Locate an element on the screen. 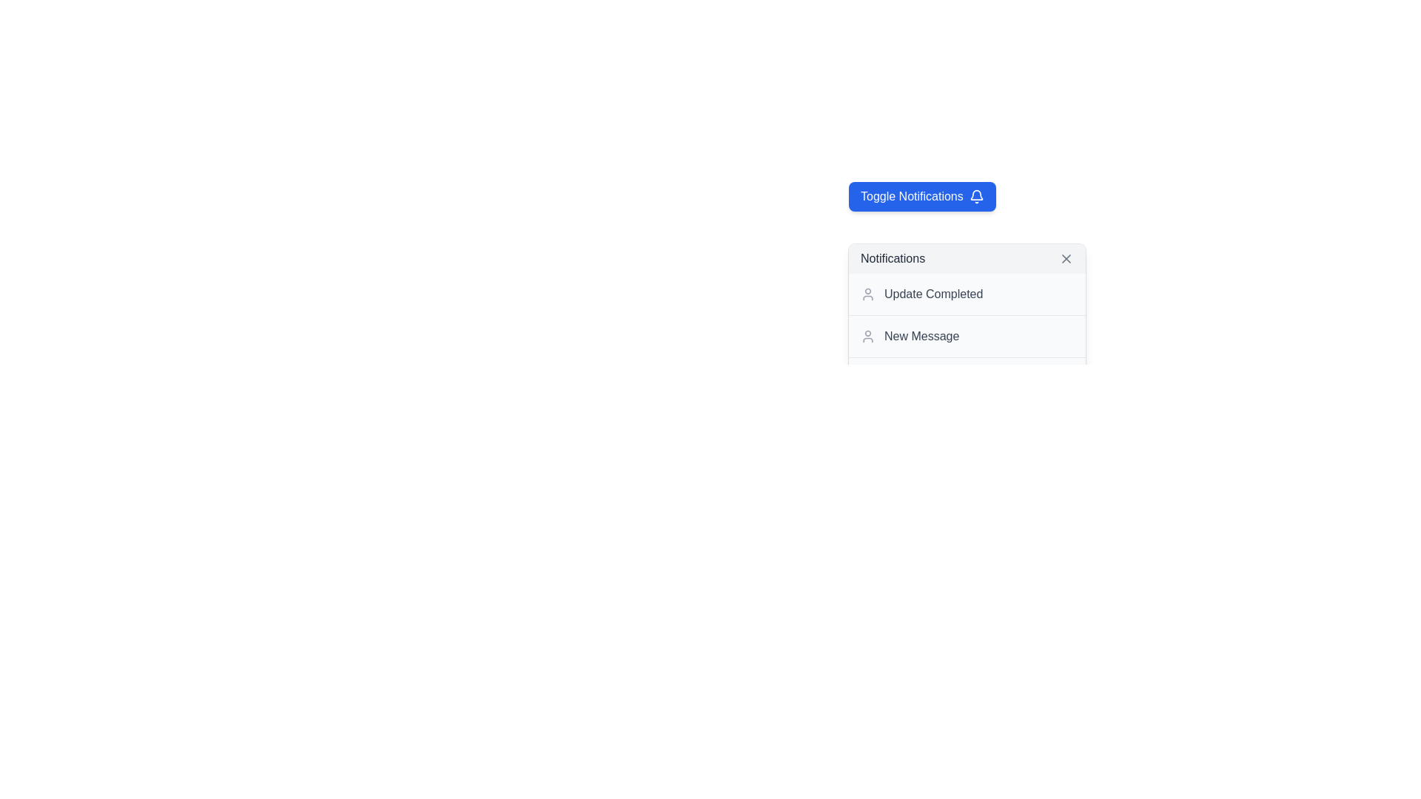 The image size is (1421, 799). text label displaying 'Notifications' located in the top-left corner of the notification panel header is located at coordinates (892, 258).